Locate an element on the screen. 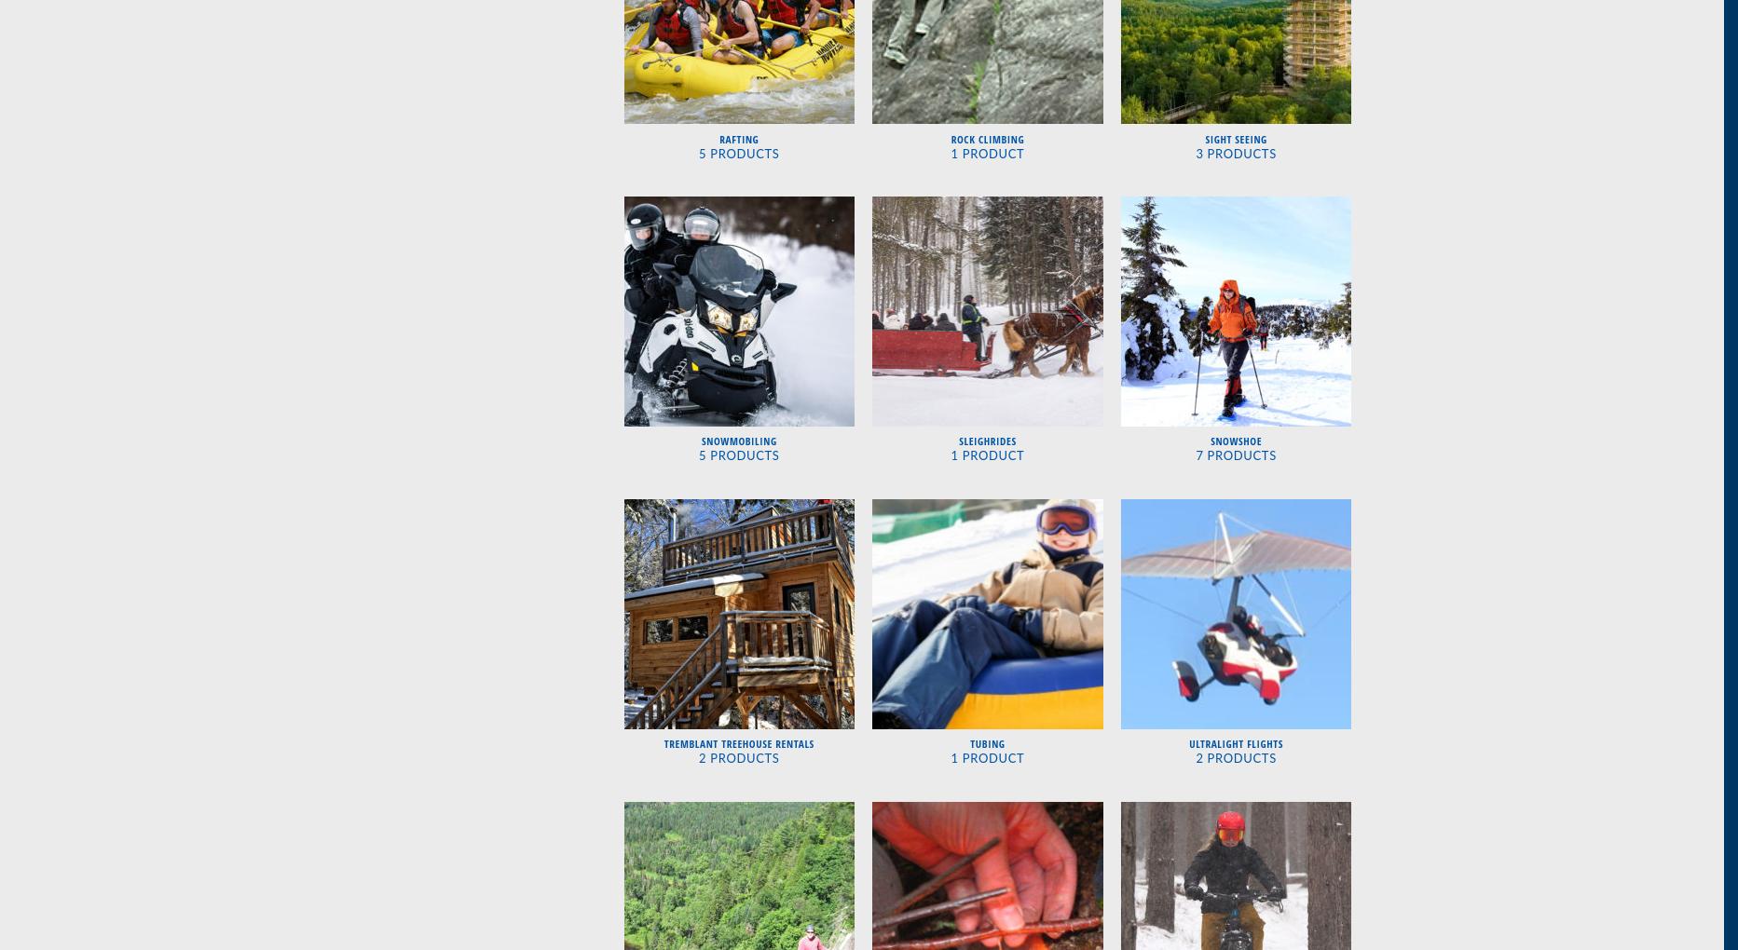 This screenshot has width=1738, height=950. 'Snowshoe' is located at coordinates (1235, 441).